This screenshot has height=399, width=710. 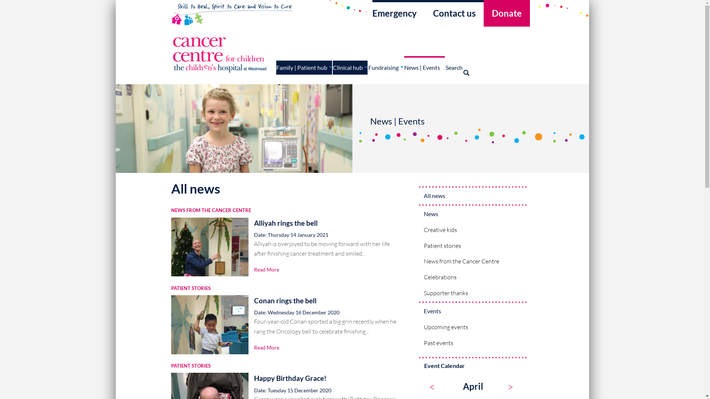 What do you see at coordinates (473, 246) in the screenshot?
I see `'Patient stories'` at bounding box center [473, 246].